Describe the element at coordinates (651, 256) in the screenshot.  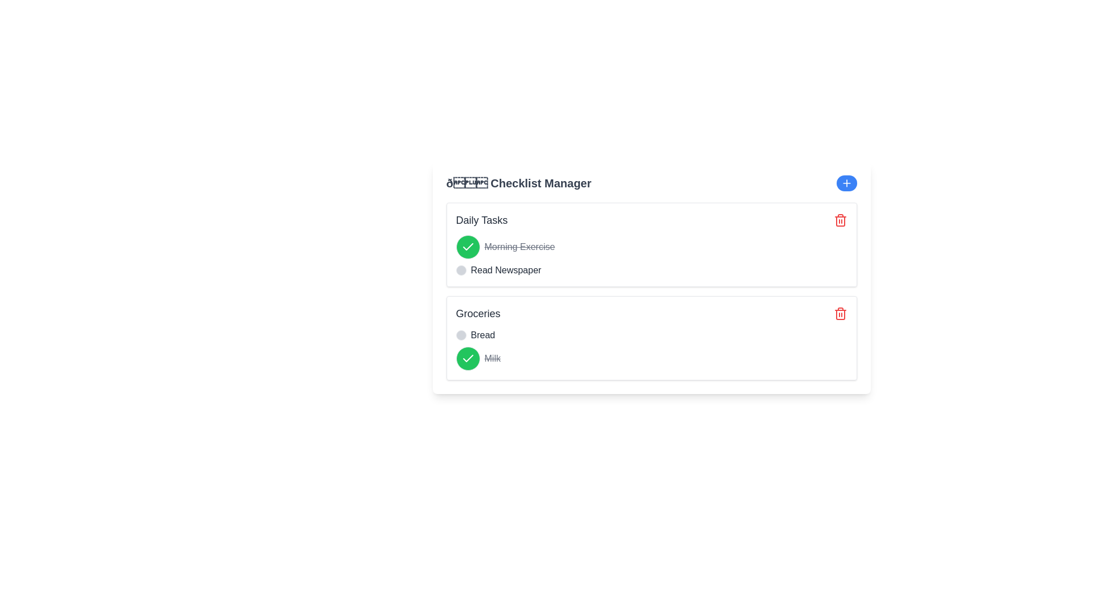
I see `the gray circle next to 'Read Newspaper' in the checklist within the 'Daily Tasks' card to mark it as complete` at that location.